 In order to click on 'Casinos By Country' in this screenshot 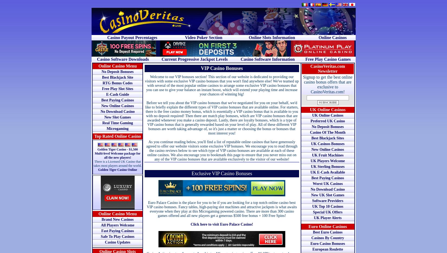, I will do `click(328, 238)`.